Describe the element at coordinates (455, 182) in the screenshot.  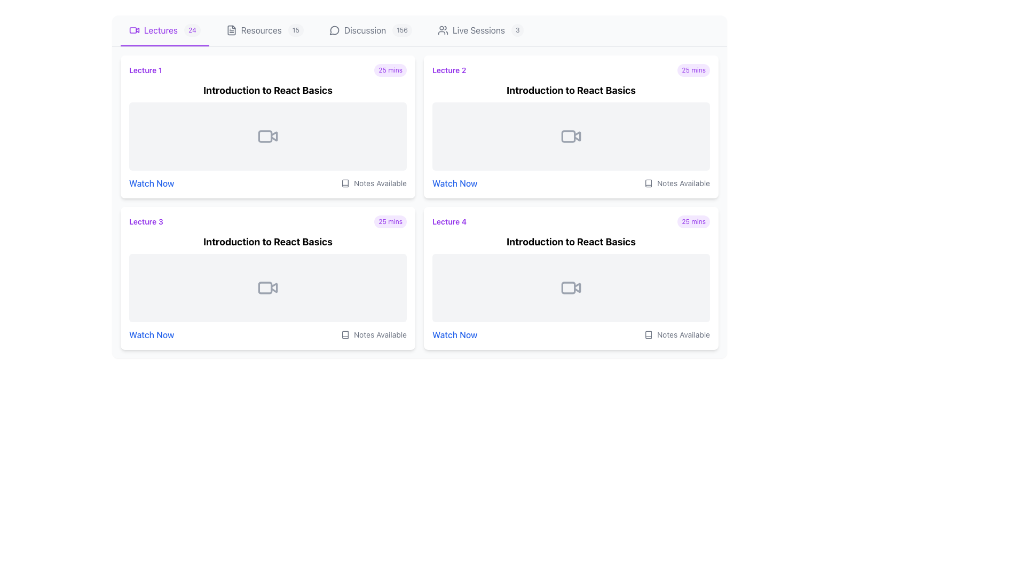
I see `the 'Watch Now' hyperlink, which is styled in blue and located in the upper-right card labeled 'Lecture 2', to observe its hover effect` at that location.